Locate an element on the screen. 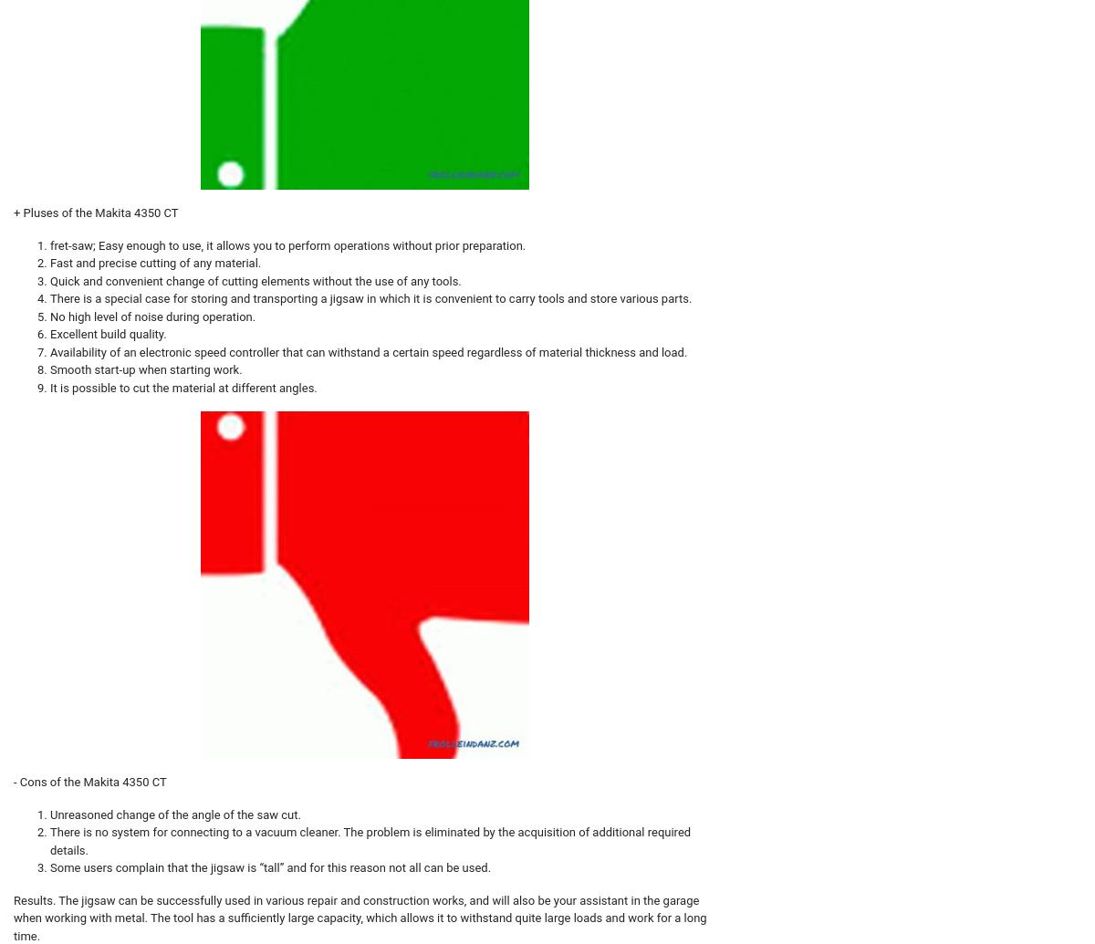 Image resolution: width=1095 pixels, height=944 pixels. 'No high level of noise during operation.' is located at coordinates (151, 316).